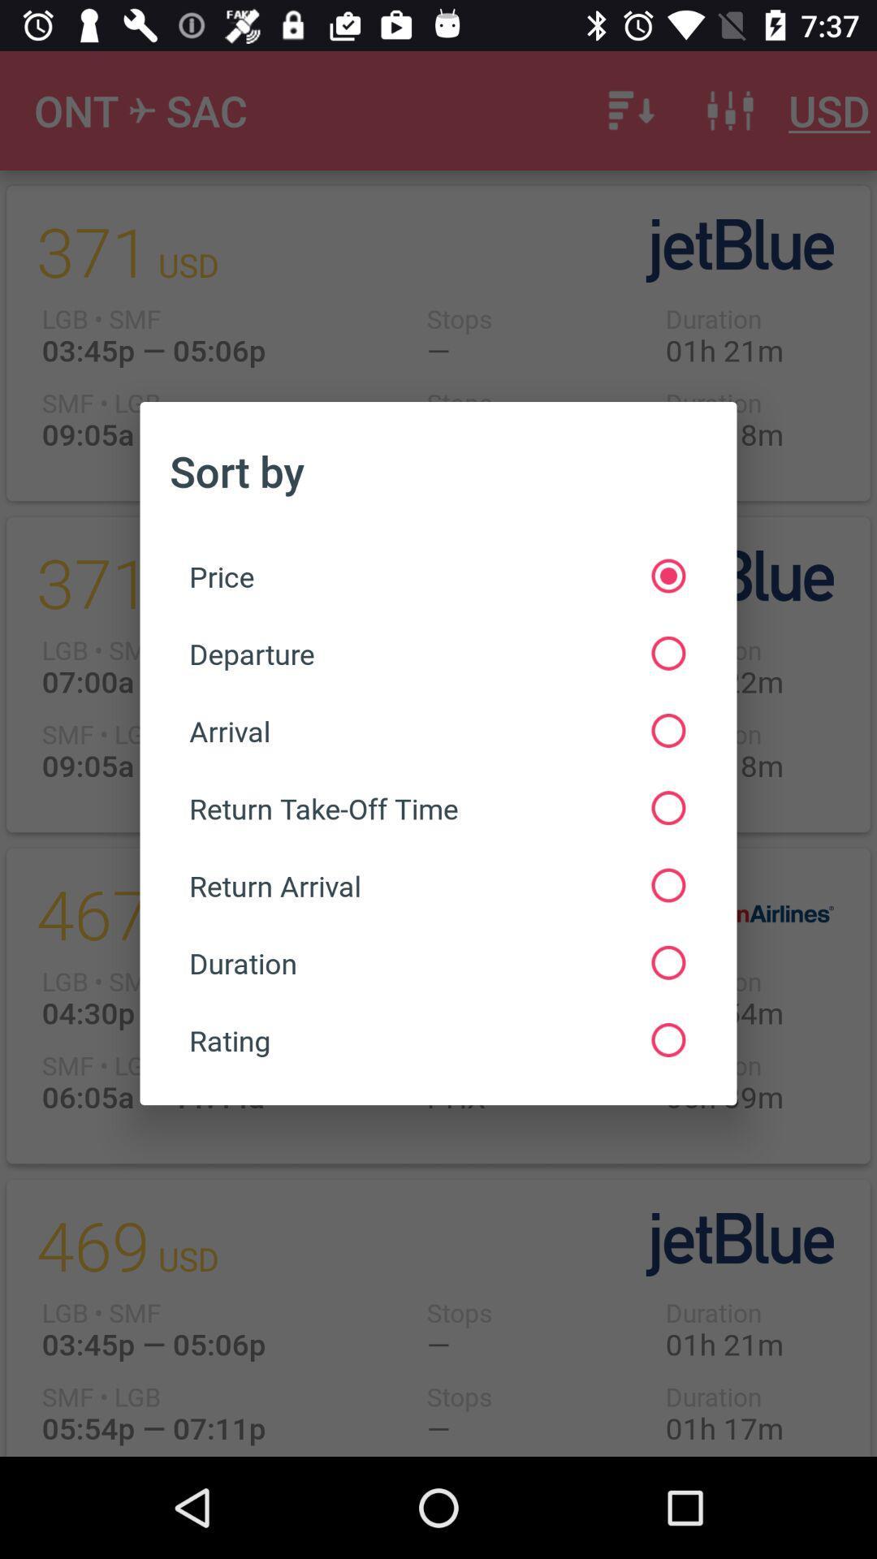 The image size is (877, 1559). Describe the element at coordinates (436, 808) in the screenshot. I see `the item below arrival icon` at that location.